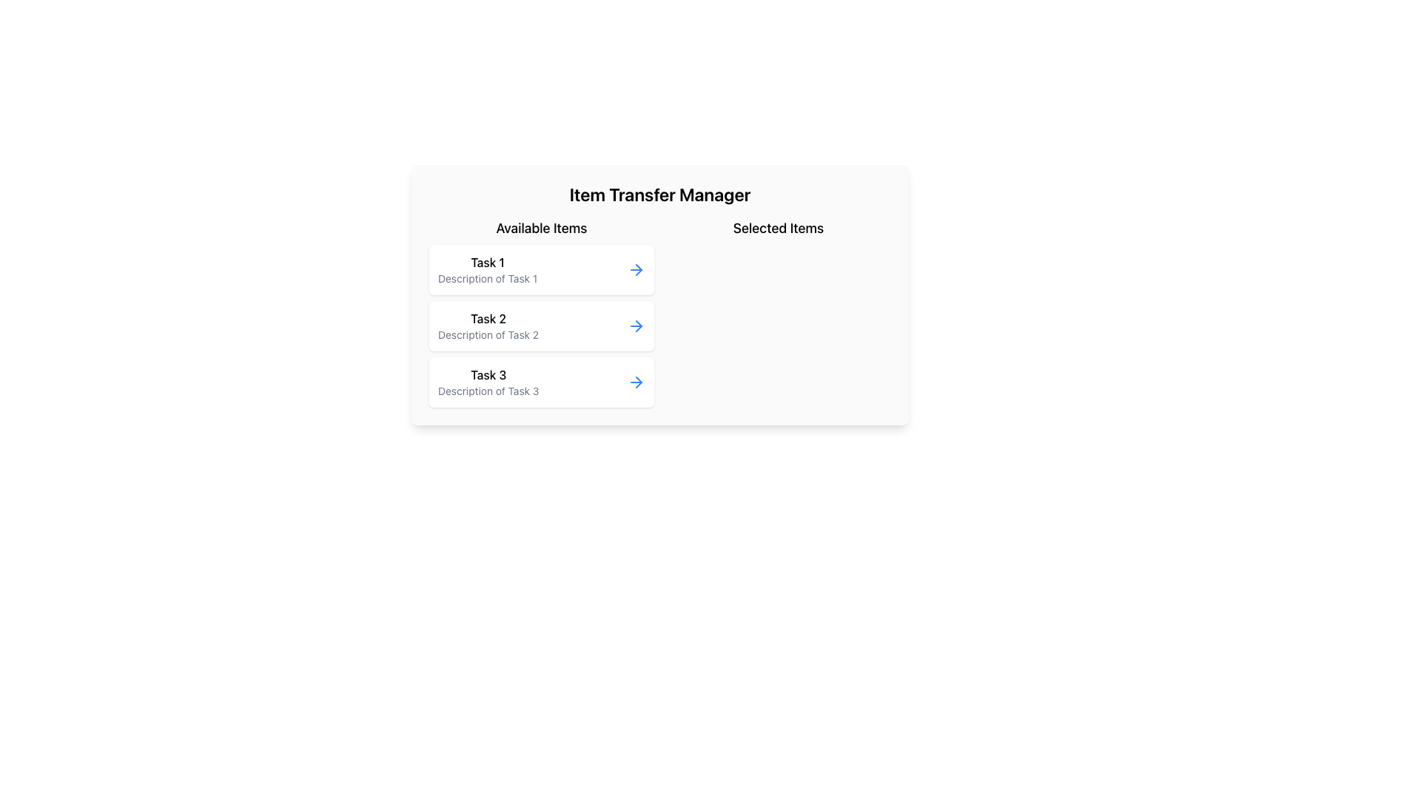 The height and width of the screenshot is (799, 1421). Describe the element at coordinates (540, 270) in the screenshot. I see `the first task entry in the 'Available Items' list` at that location.